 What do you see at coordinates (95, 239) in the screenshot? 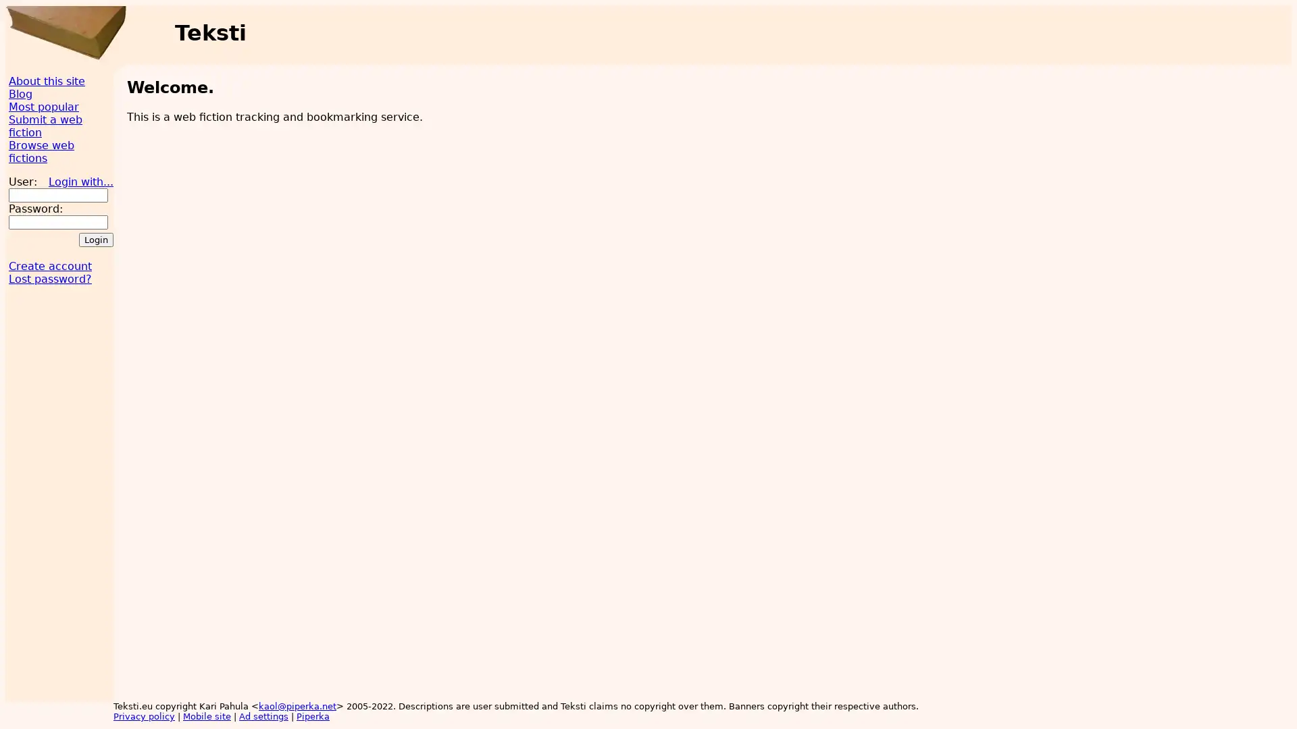
I see `Login` at bounding box center [95, 239].